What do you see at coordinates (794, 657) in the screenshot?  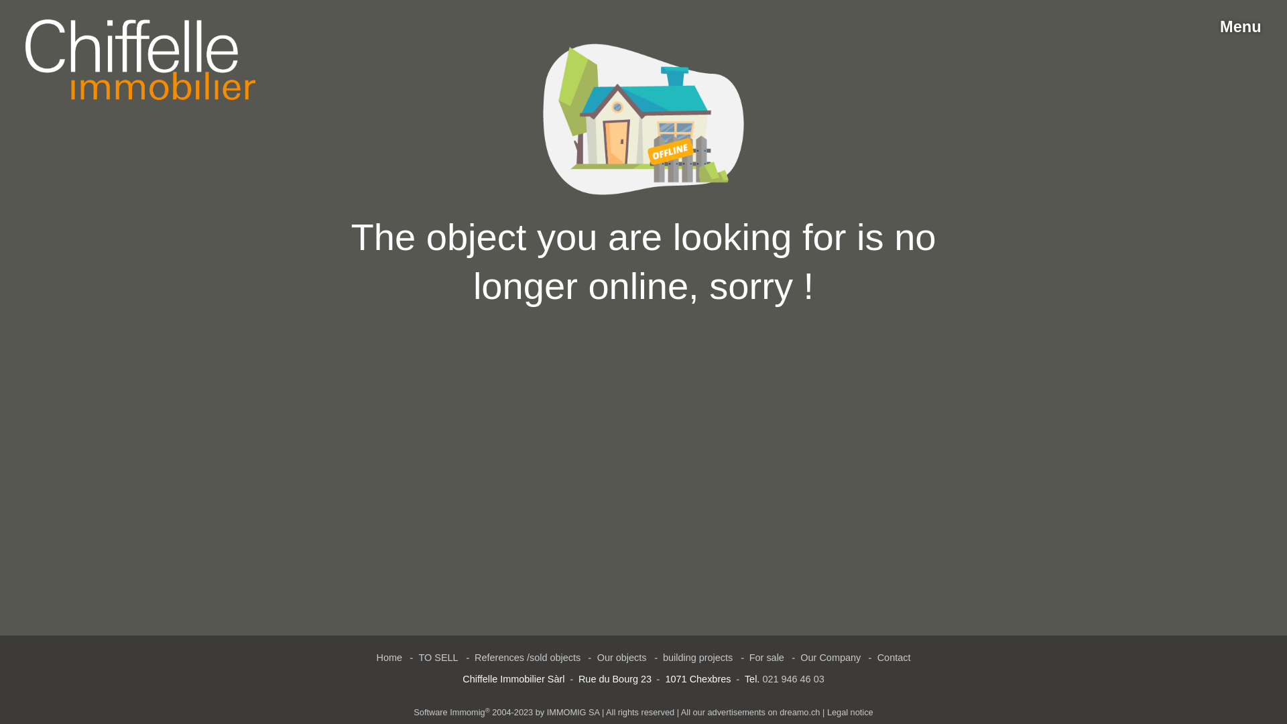 I see `'Our Company'` at bounding box center [794, 657].